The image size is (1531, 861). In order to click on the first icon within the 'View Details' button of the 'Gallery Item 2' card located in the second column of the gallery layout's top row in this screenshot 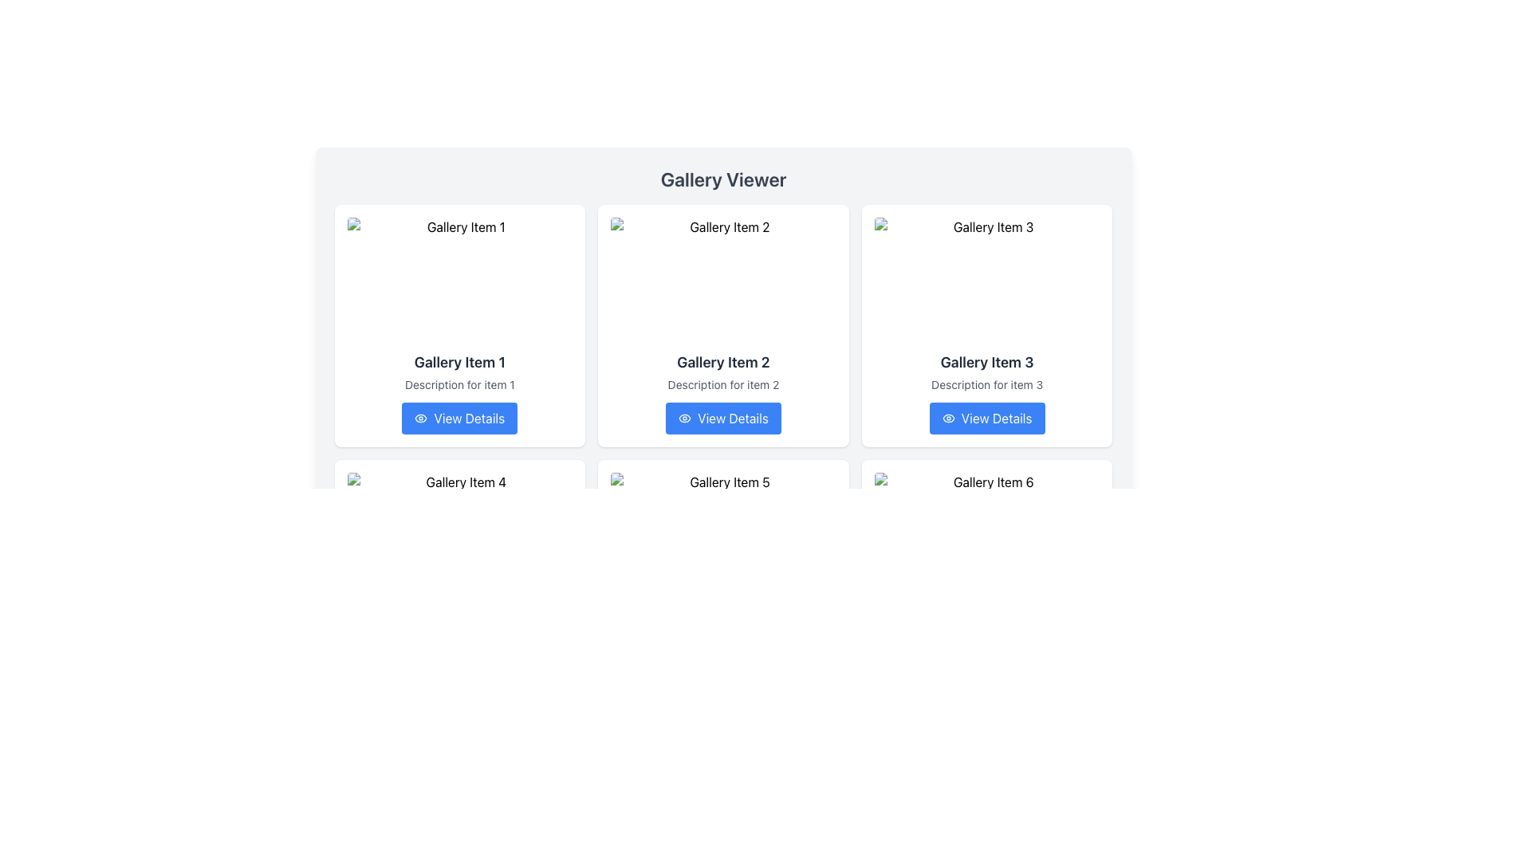, I will do `click(685, 417)`.